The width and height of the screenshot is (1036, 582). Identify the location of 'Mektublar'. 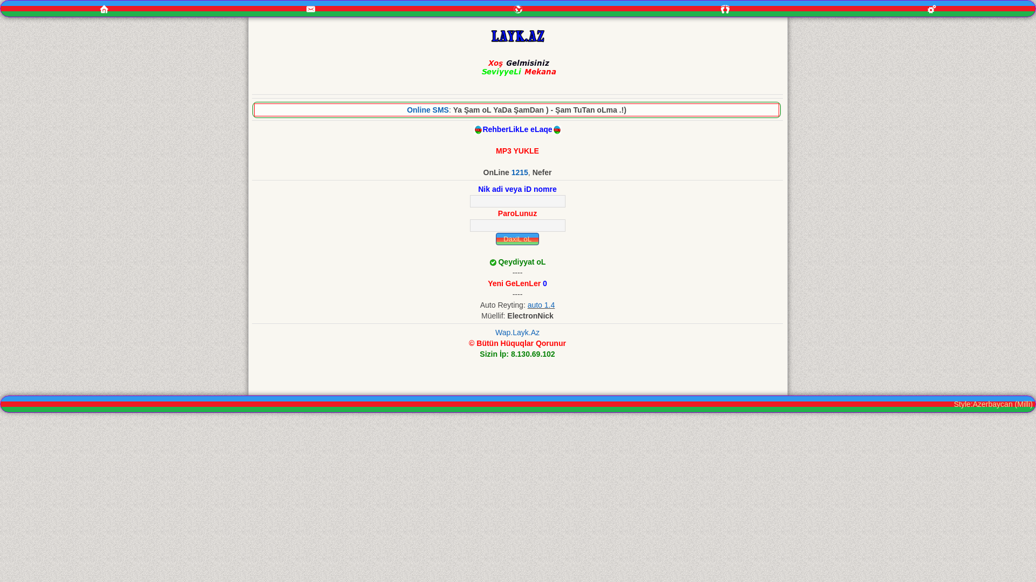
(518, 8).